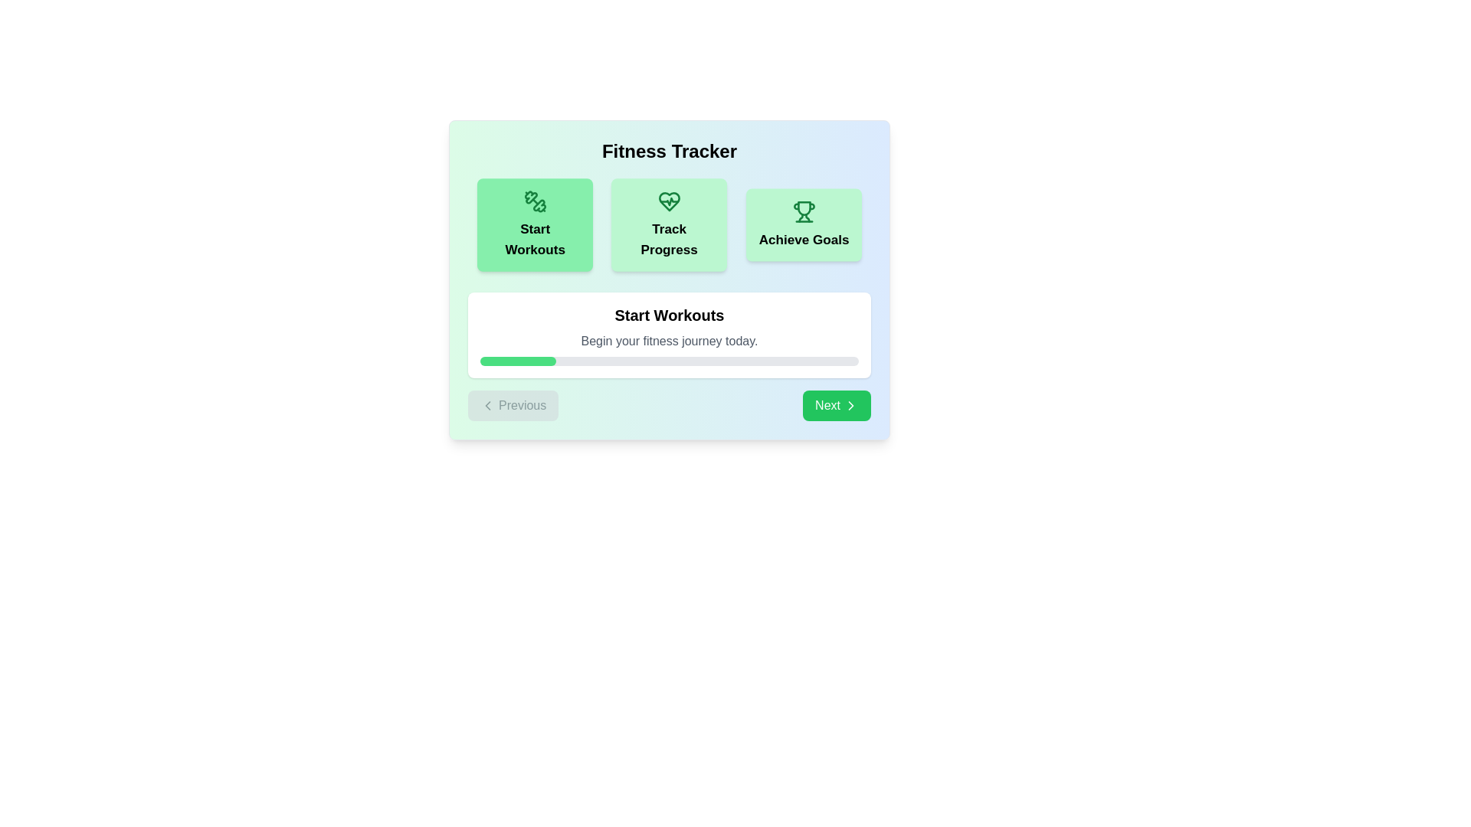 This screenshot has width=1471, height=827. What do you see at coordinates (487, 404) in the screenshot?
I see `the left-facing chevron icon adjacent to the 'Previous' button in the bottom-left corner of the interface` at bounding box center [487, 404].